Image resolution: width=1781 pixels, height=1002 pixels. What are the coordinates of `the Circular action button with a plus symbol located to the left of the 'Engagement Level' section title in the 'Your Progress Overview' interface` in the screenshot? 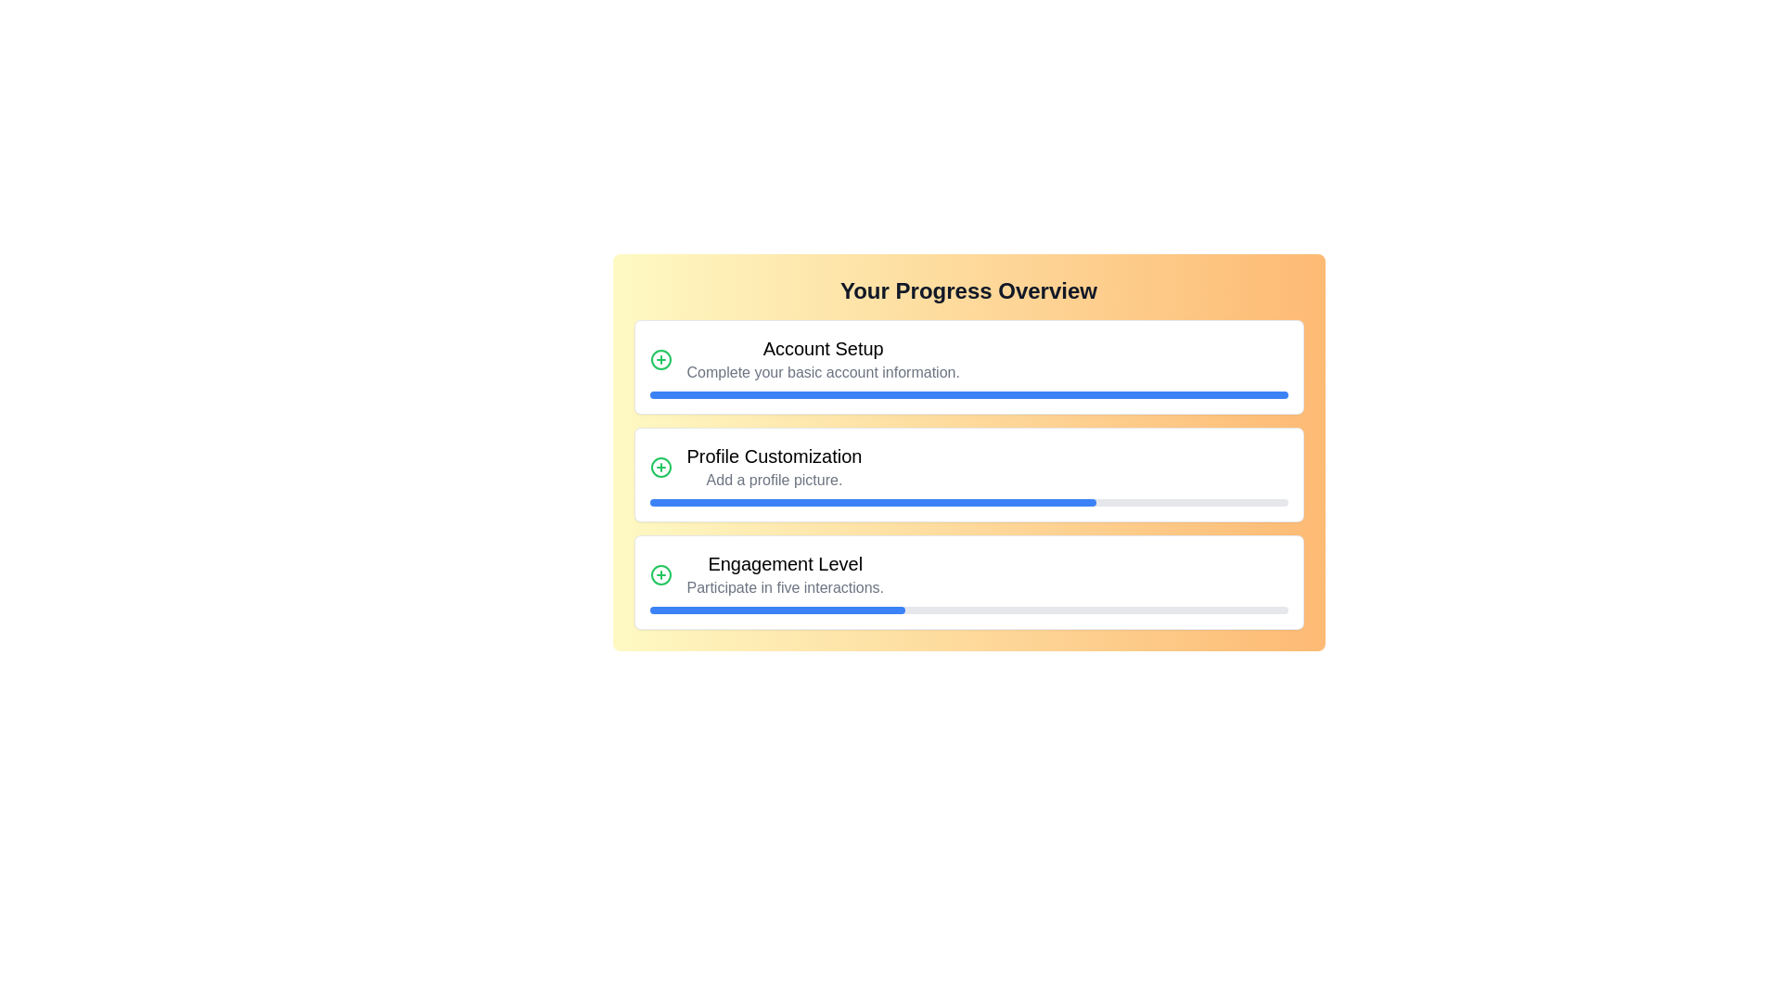 It's located at (660, 574).